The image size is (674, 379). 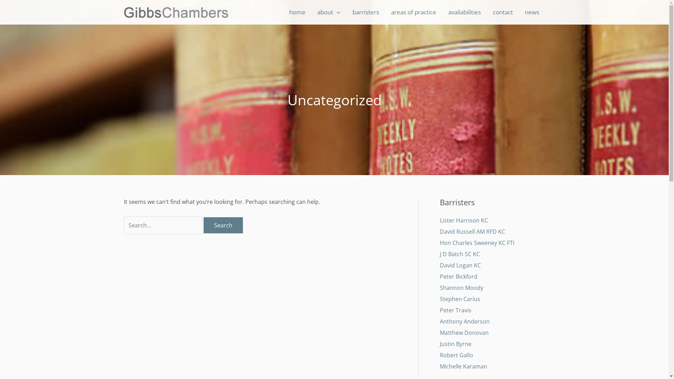 What do you see at coordinates (463, 220) in the screenshot?
I see `'Lister Harrison KC'` at bounding box center [463, 220].